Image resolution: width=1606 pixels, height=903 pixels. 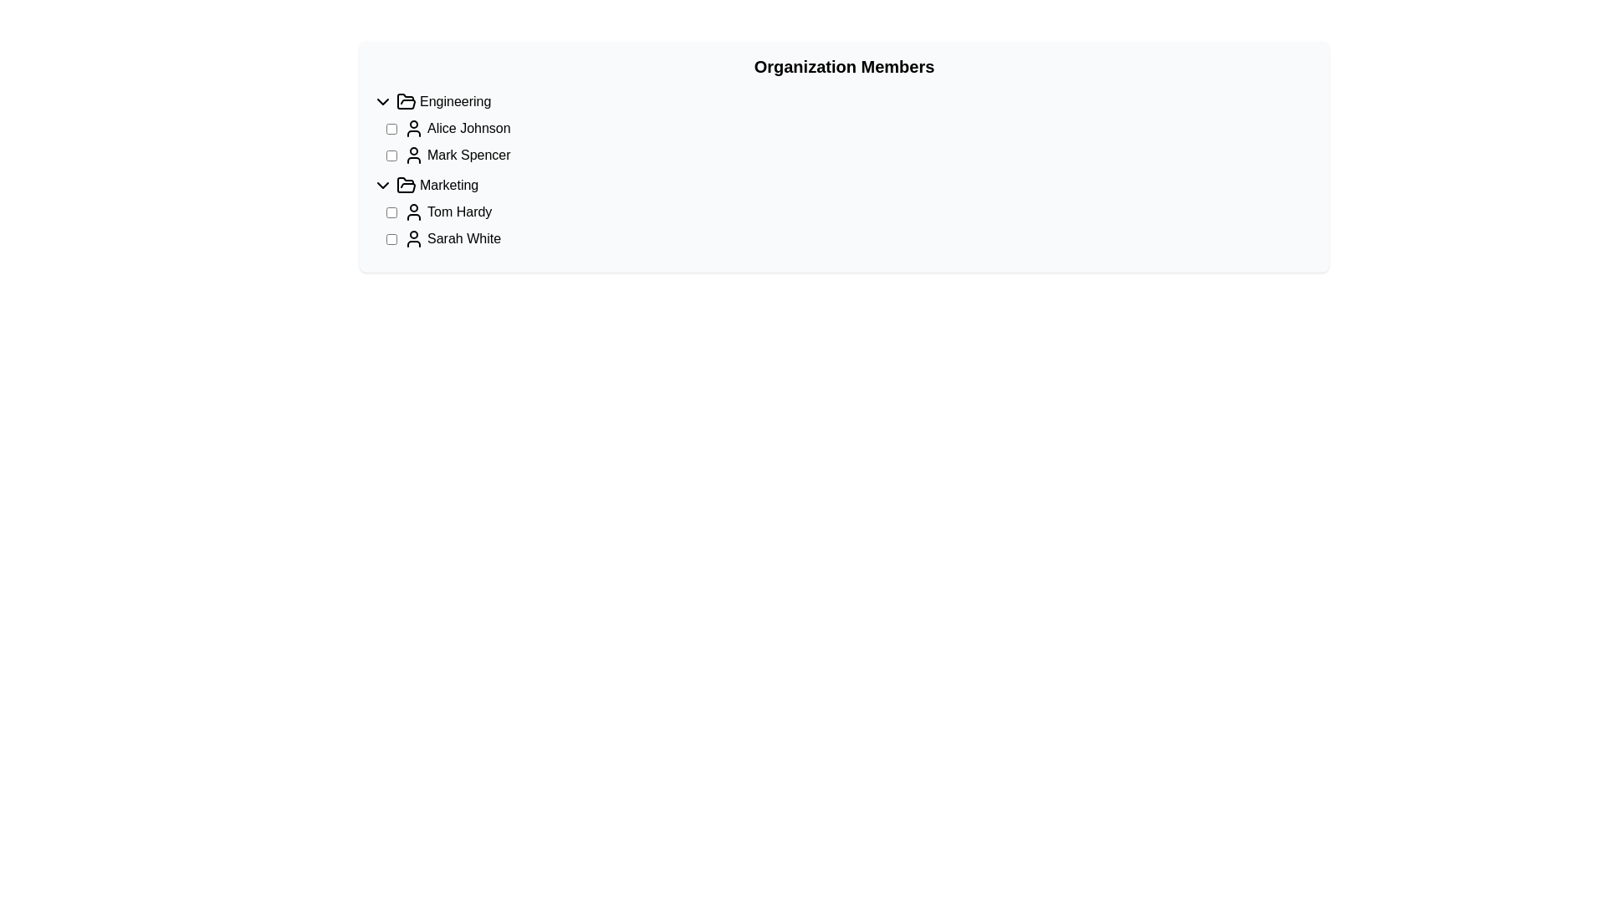 What do you see at coordinates (464, 238) in the screenshot?
I see `the text label that denotes a member of the 'Marketing' group, specifically the second user entry under the 'Marketing' category, for accessibility purposes` at bounding box center [464, 238].